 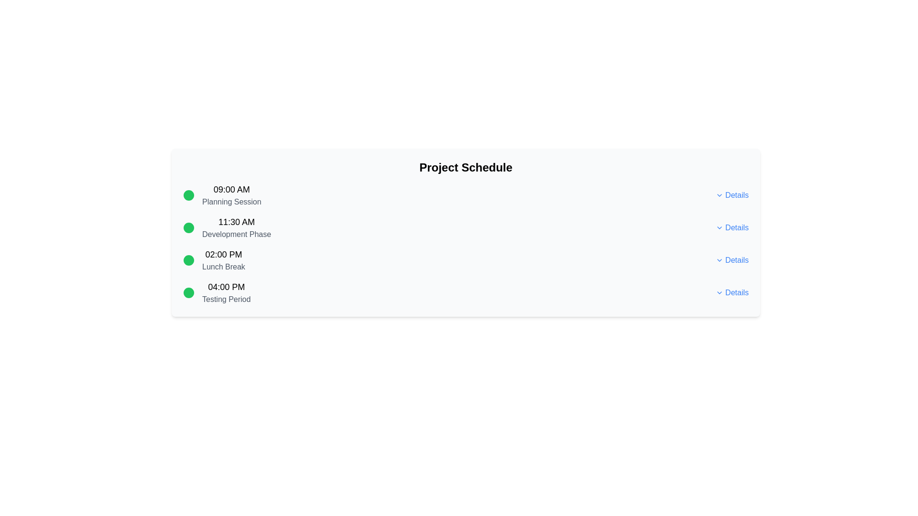 What do you see at coordinates (736, 194) in the screenshot?
I see `label that serves as a link to access additional information about the '09:00 AM Planning Session' activity, positioned at the topmost position among similar 'Details' elements` at bounding box center [736, 194].